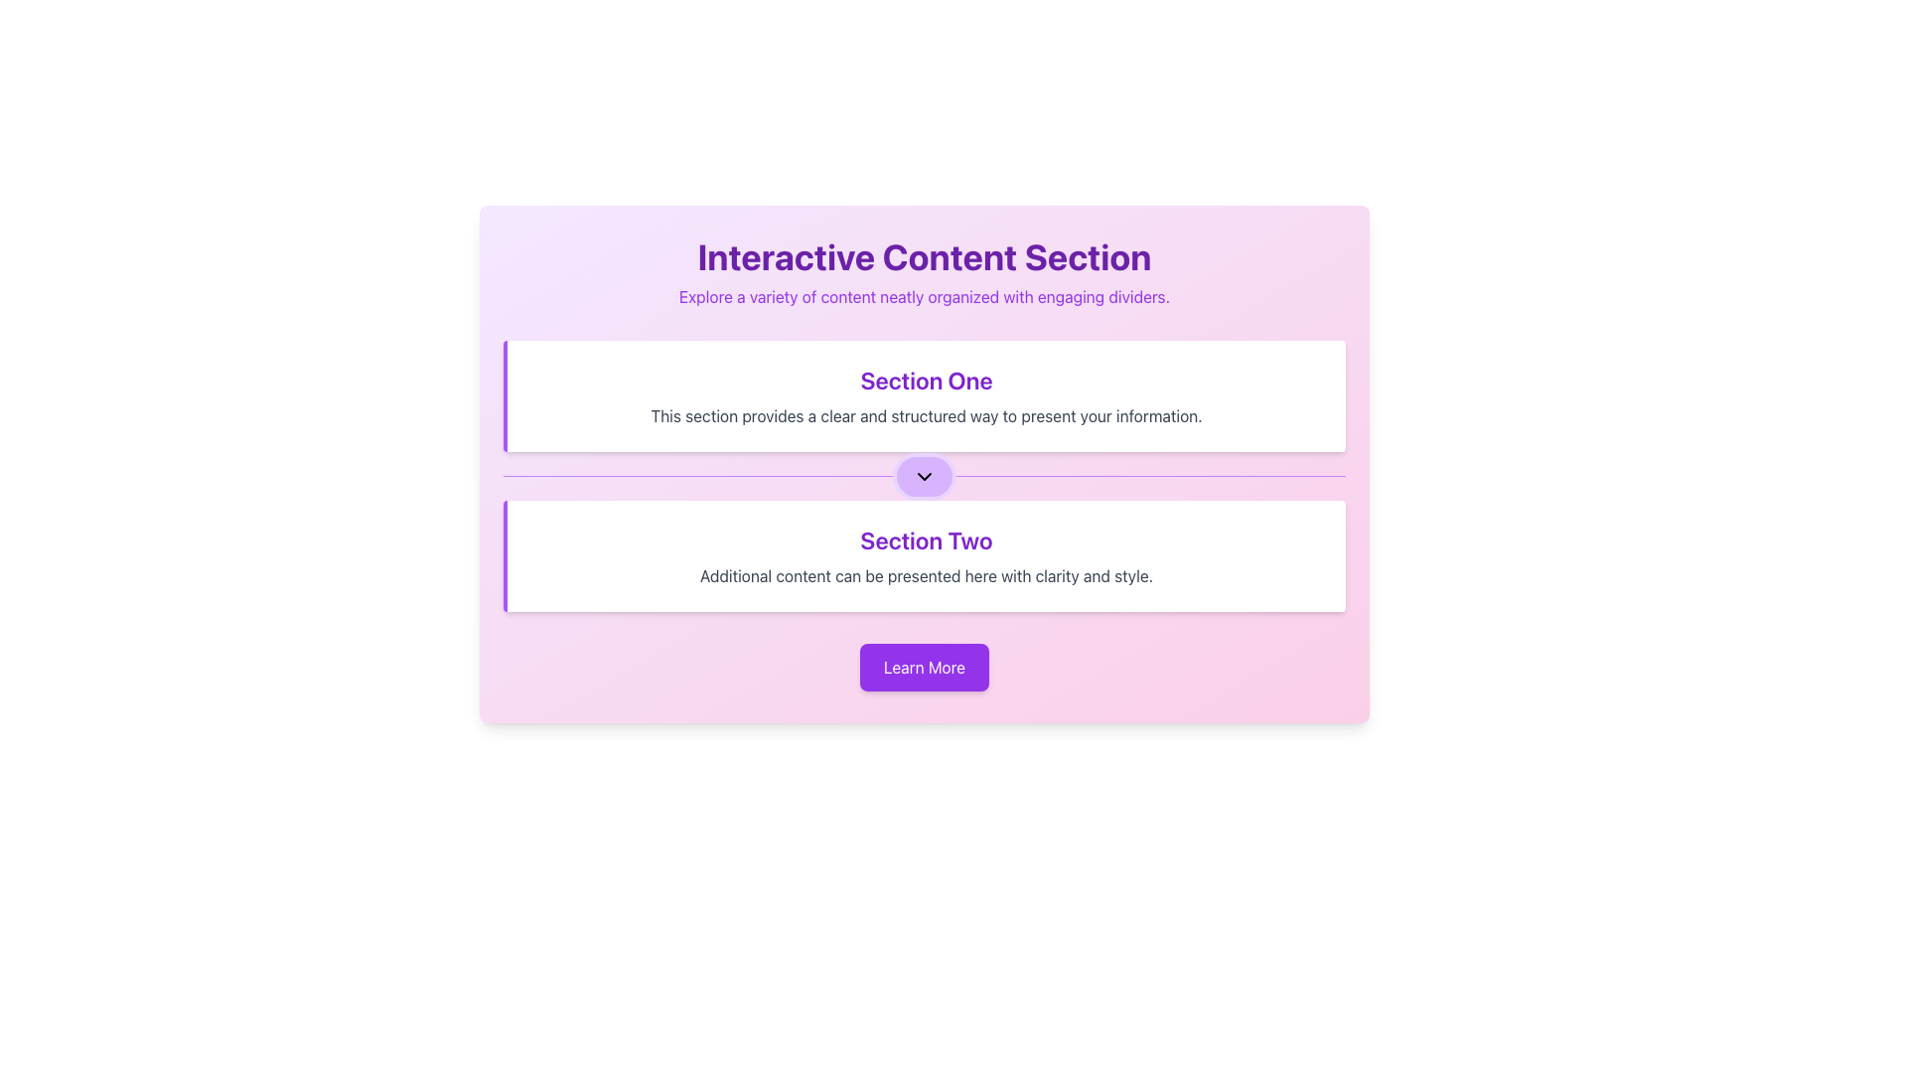  I want to click on the Divider Line that separates Section One and Section Two in the interface, so click(924, 476).